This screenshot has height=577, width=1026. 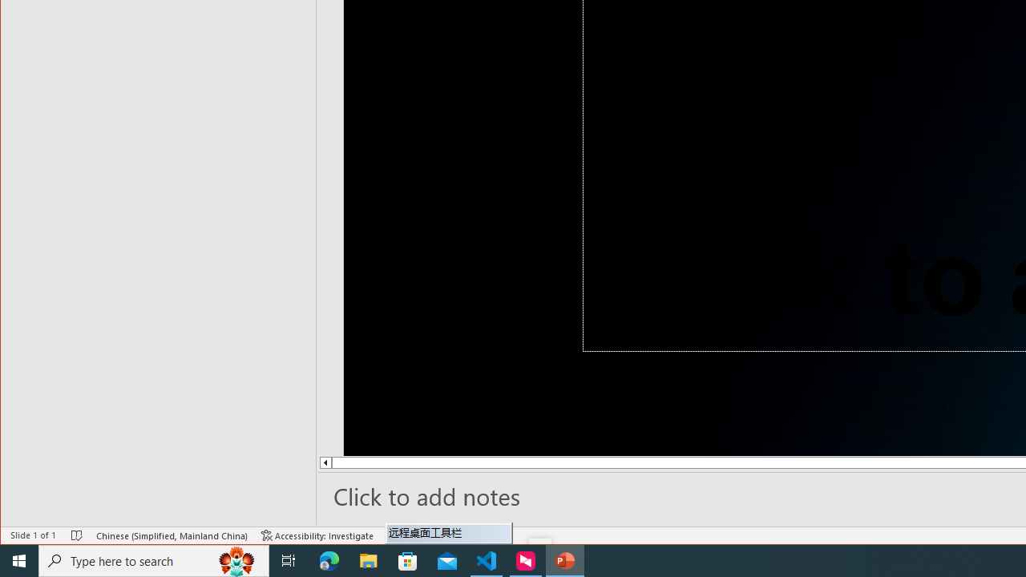 What do you see at coordinates (486, 559) in the screenshot?
I see `'Visual Studio Code - 1 running window'` at bounding box center [486, 559].